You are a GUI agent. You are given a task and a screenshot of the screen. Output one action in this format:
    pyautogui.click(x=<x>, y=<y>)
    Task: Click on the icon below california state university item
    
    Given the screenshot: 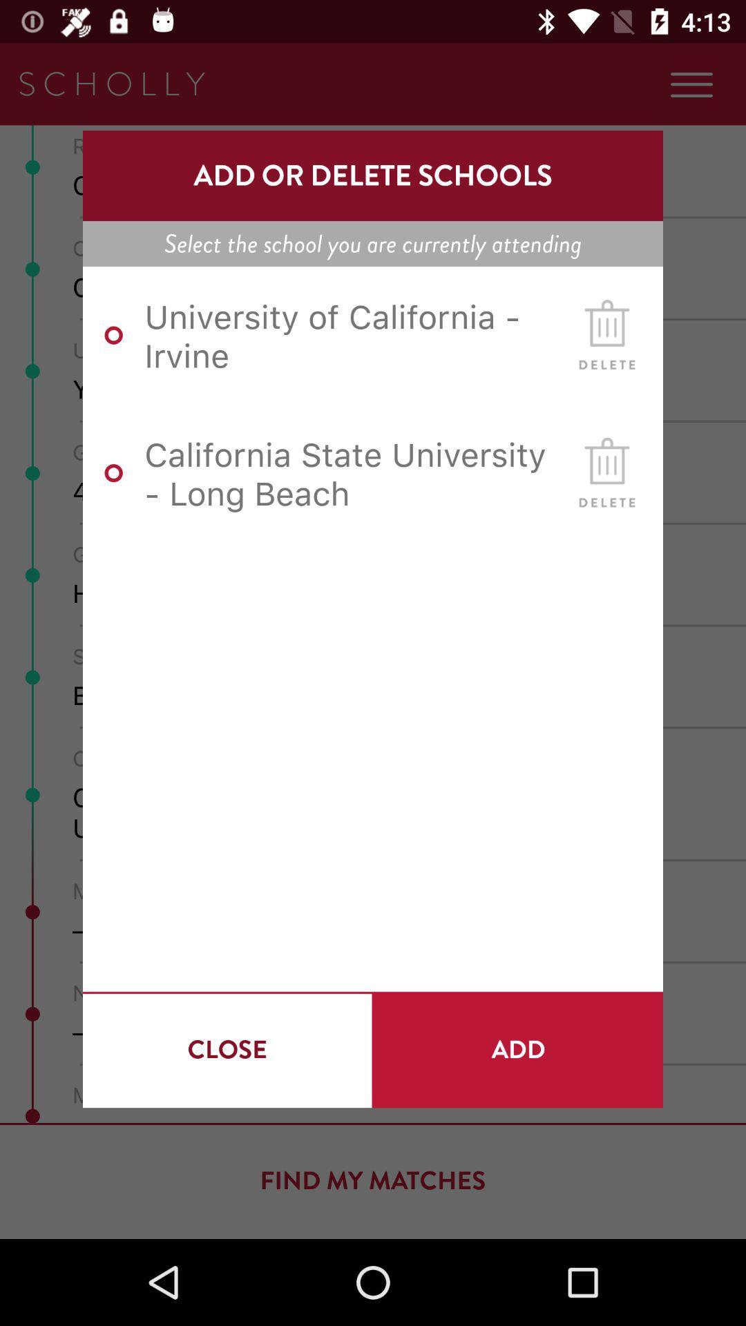 What is the action you would take?
    pyautogui.click(x=227, y=1050)
    